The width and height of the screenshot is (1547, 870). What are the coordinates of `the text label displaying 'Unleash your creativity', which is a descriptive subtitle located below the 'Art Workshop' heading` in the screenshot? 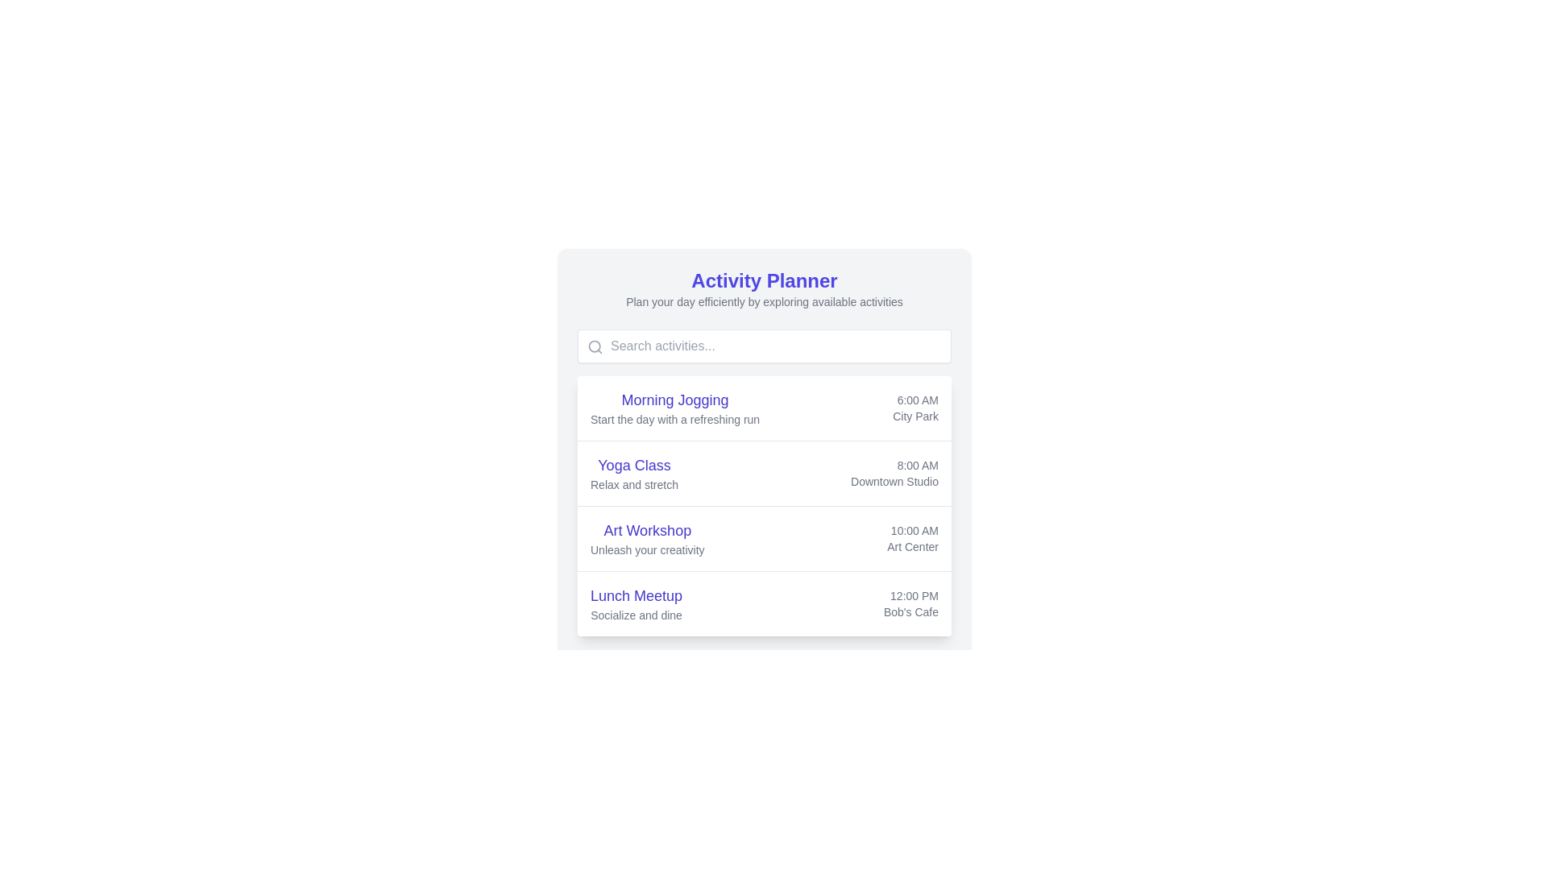 It's located at (647, 549).